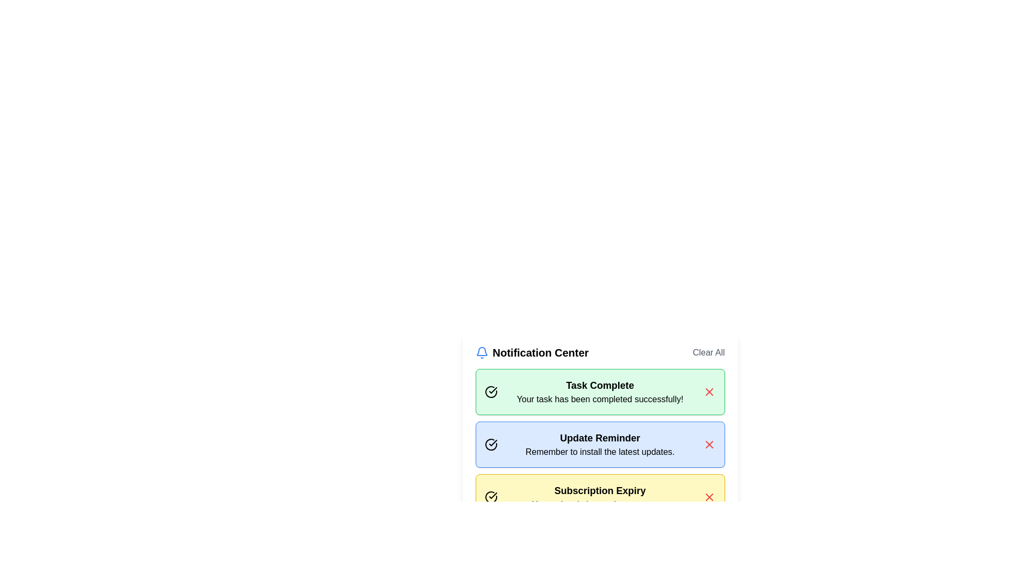 Image resolution: width=1032 pixels, height=580 pixels. I want to click on the close icon located on the right-hand side of the 'Task Complete' notification, so click(709, 392).